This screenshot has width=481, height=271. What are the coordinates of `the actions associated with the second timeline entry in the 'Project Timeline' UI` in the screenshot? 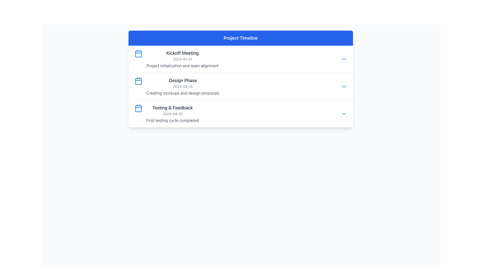 It's located at (241, 86).